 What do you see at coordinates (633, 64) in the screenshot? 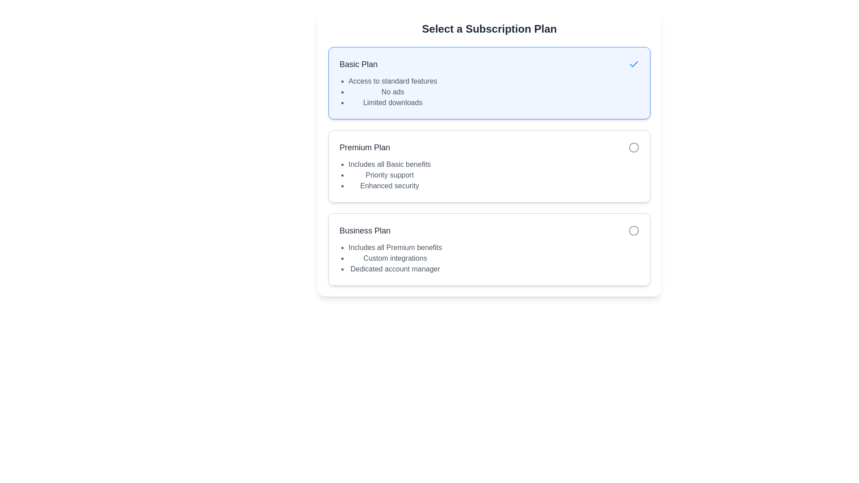
I see `the blue checkmark icon located in the upper-right region of the 'Basic Plan' card` at bounding box center [633, 64].